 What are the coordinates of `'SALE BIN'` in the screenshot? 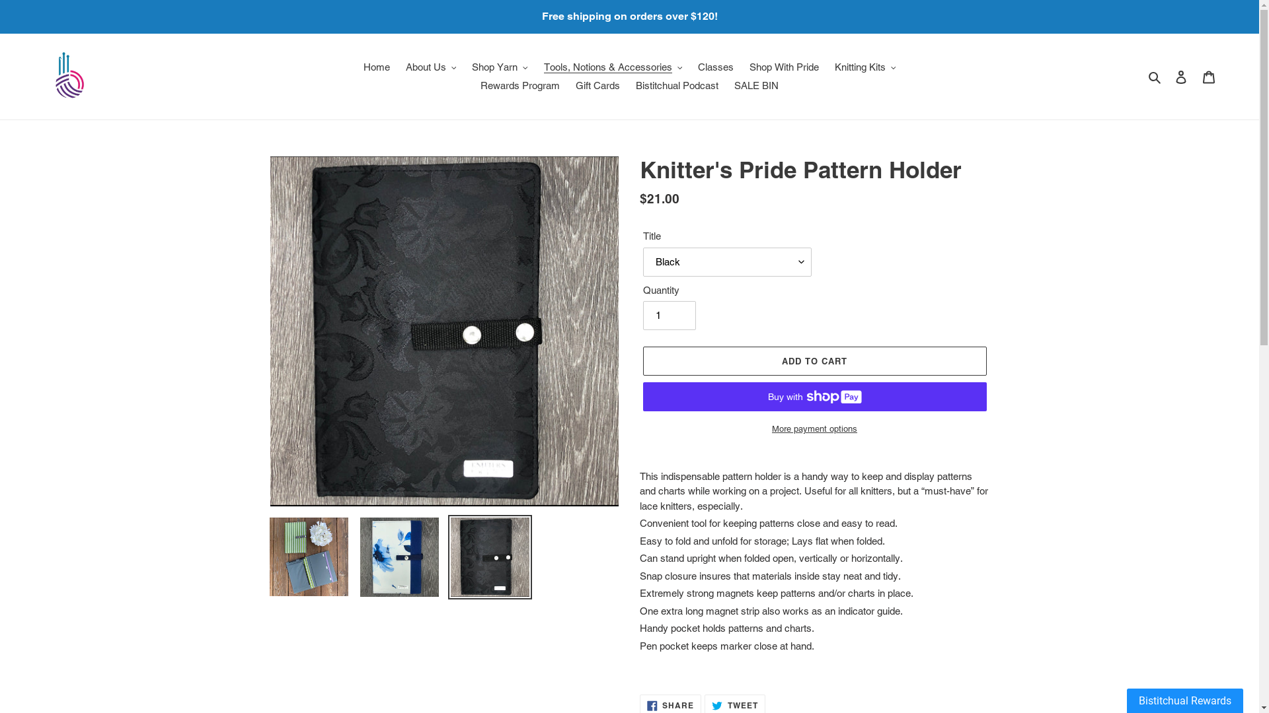 It's located at (756, 86).